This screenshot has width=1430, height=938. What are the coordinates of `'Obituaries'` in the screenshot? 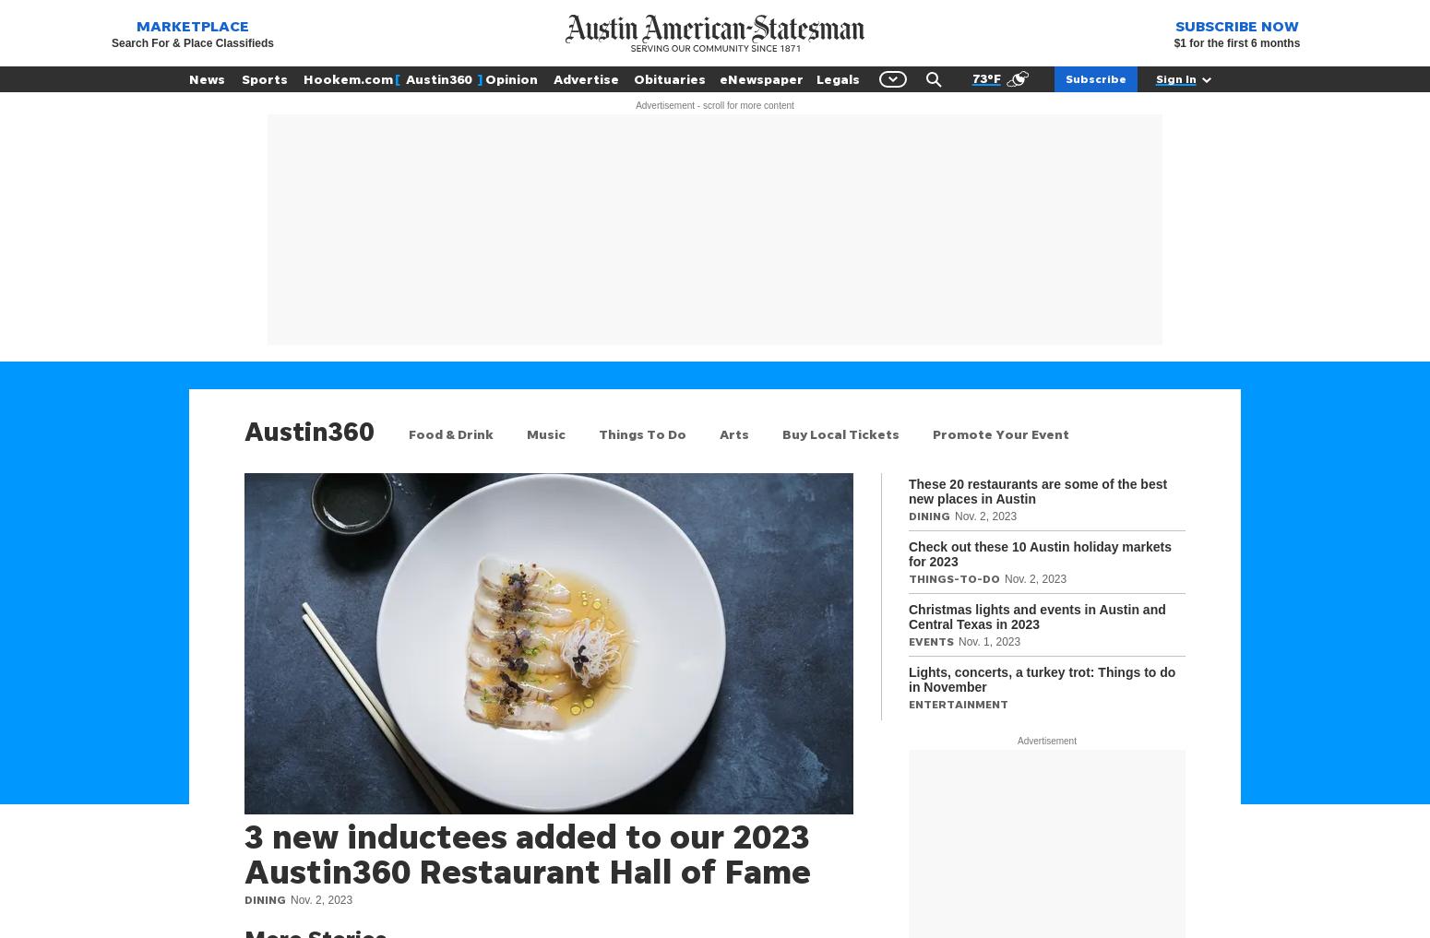 It's located at (632, 78).